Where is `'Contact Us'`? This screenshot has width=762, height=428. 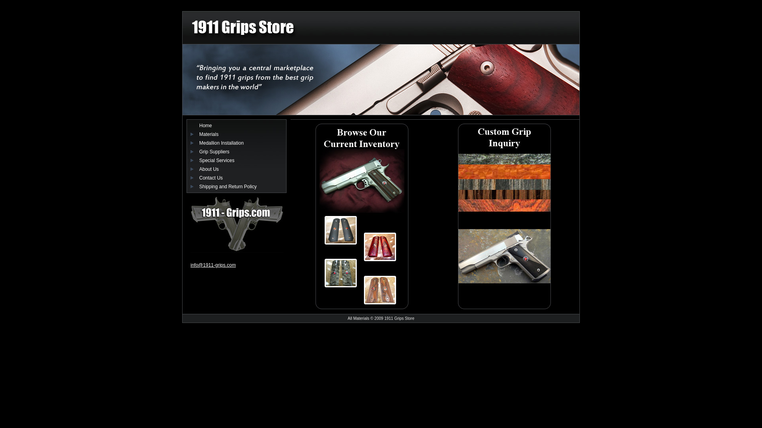 'Contact Us' is located at coordinates (211, 177).